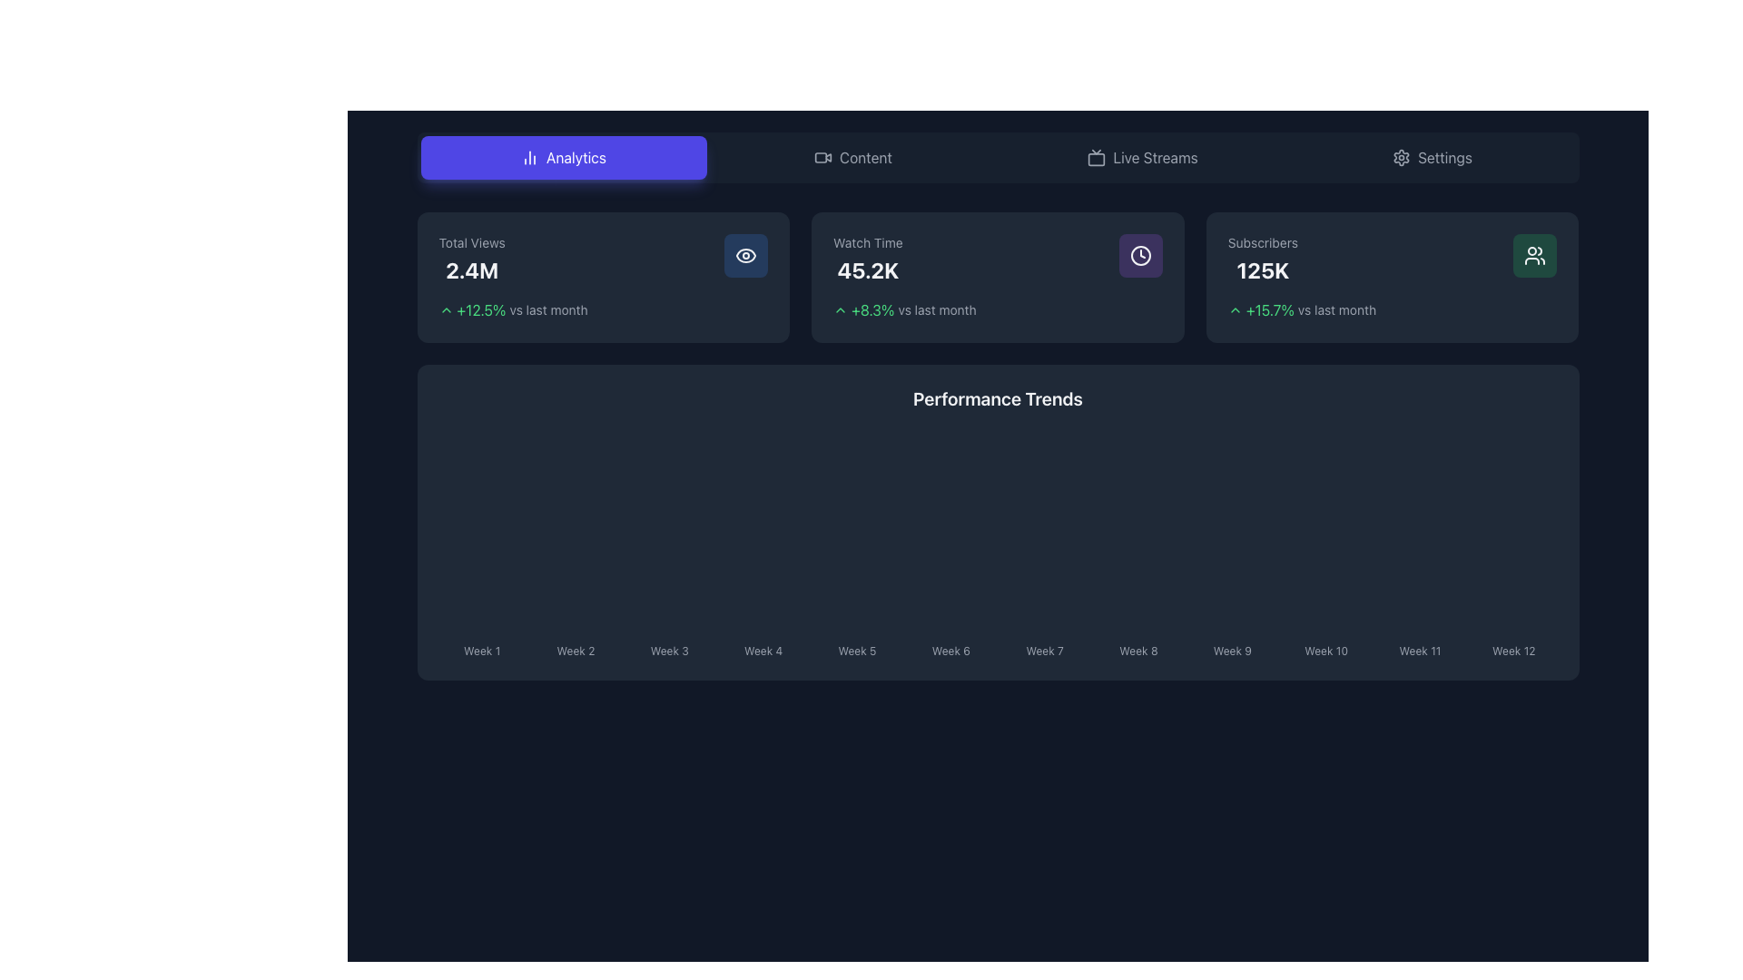 Image resolution: width=1743 pixels, height=980 pixels. Describe the element at coordinates (1401, 156) in the screenshot. I see `the 'Settings' icon located` at that location.